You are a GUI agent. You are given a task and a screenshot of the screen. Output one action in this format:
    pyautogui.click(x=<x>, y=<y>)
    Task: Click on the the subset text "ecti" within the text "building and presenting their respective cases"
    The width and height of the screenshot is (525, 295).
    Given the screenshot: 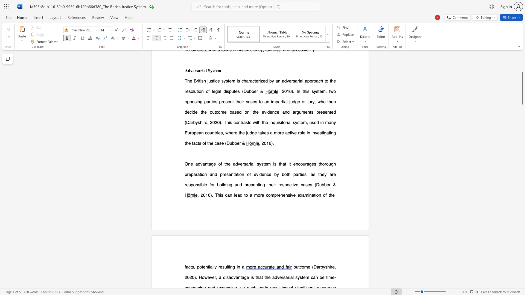 What is the action you would take?
    pyautogui.click(x=287, y=184)
    